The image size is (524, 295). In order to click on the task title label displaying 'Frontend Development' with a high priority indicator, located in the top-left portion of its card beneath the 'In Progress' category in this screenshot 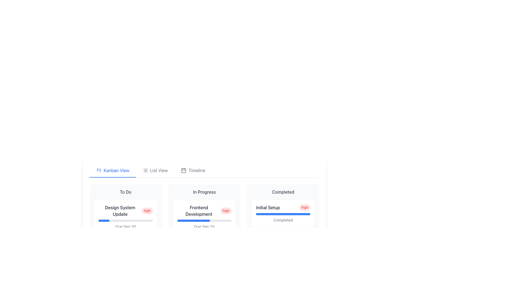, I will do `click(204, 210)`.